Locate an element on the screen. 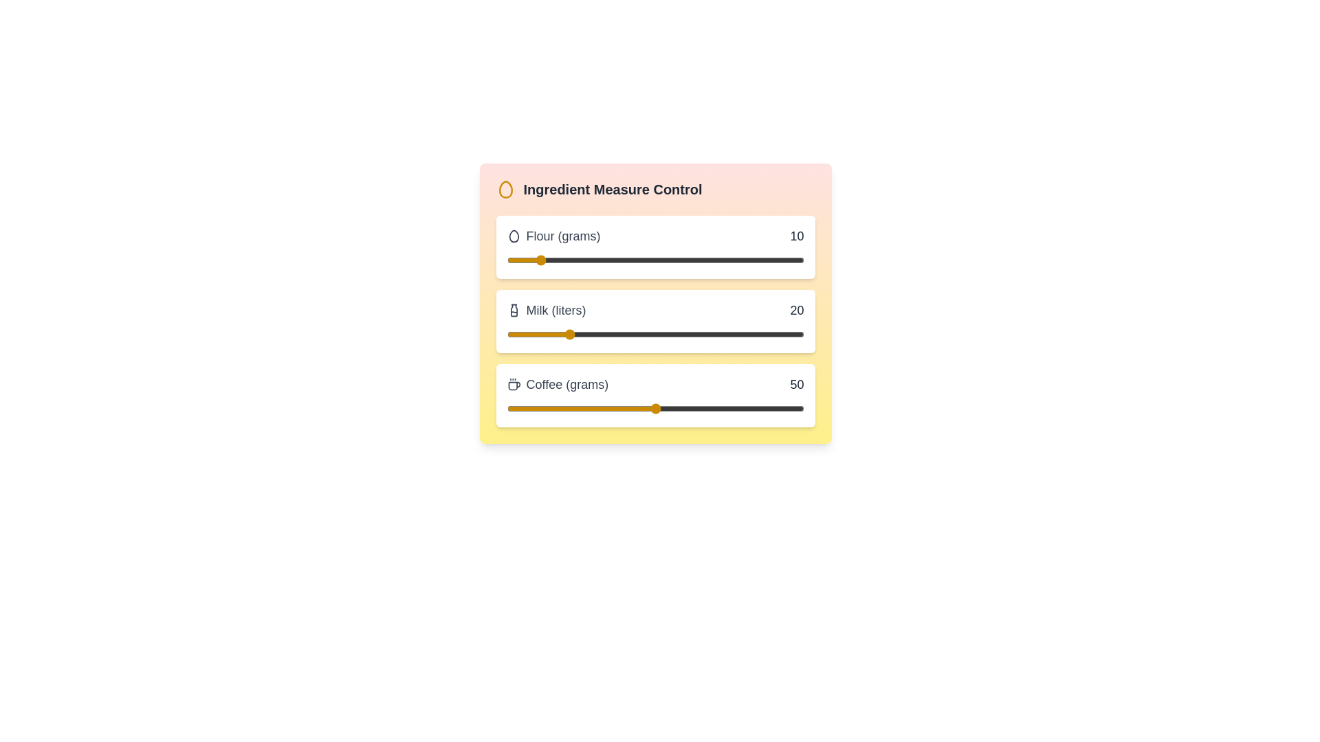 This screenshot has width=1320, height=742. the coffee amount is located at coordinates (515, 407).